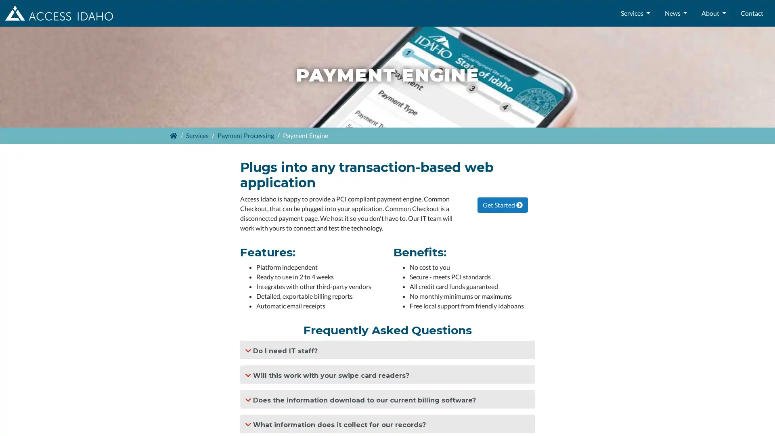  Describe the element at coordinates (387, 423) in the screenshot. I see `What information does it collect for our records?` at that location.